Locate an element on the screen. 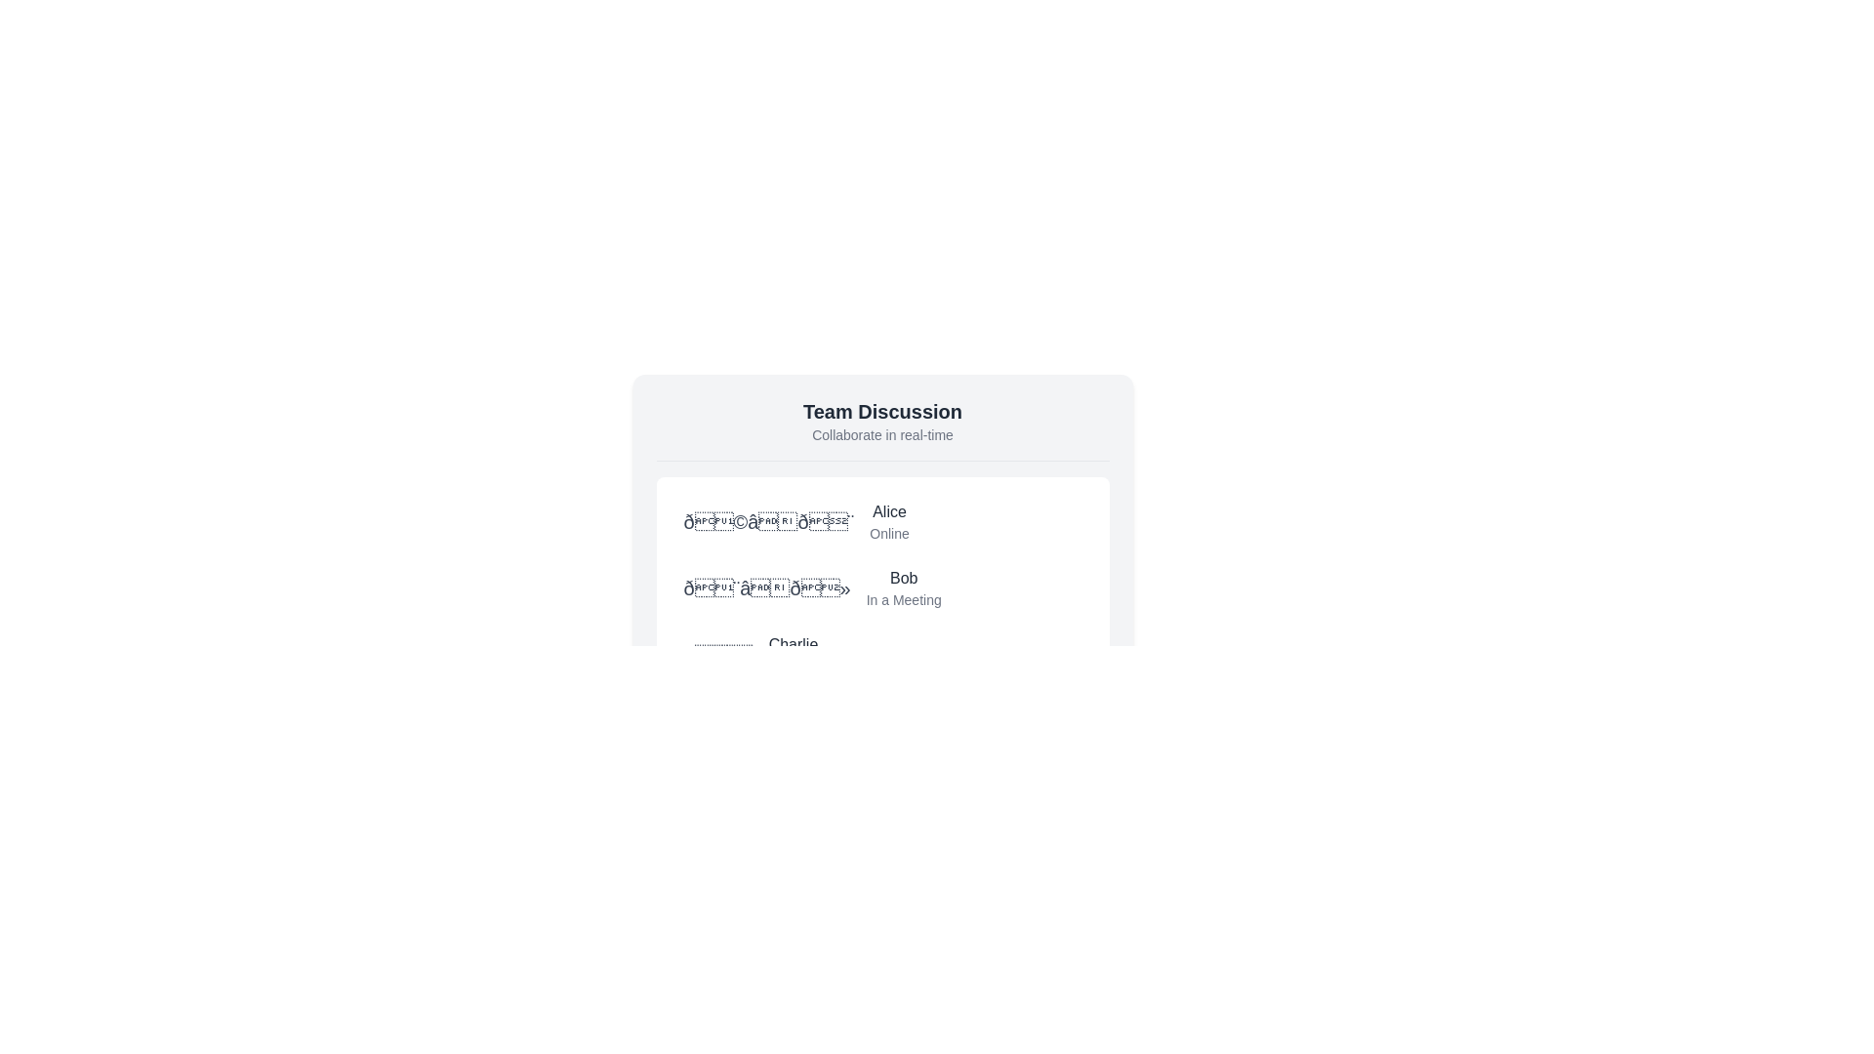 This screenshot has width=1874, height=1054. the text label displaying the name 'Bob' in the participant list, which is located below 'Alice' and above 'In a Meeting' is located at coordinates (903, 578).